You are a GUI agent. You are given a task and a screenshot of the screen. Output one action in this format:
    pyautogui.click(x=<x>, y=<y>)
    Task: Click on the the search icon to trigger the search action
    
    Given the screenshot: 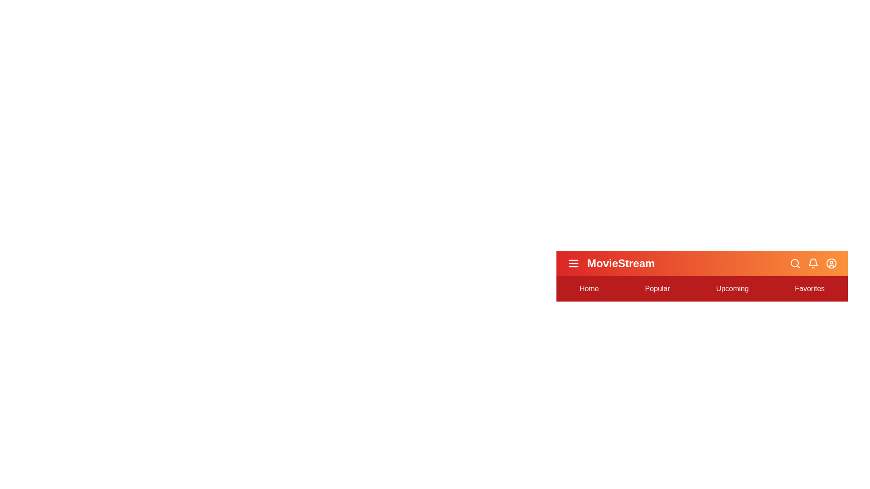 What is the action you would take?
    pyautogui.click(x=795, y=264)
    